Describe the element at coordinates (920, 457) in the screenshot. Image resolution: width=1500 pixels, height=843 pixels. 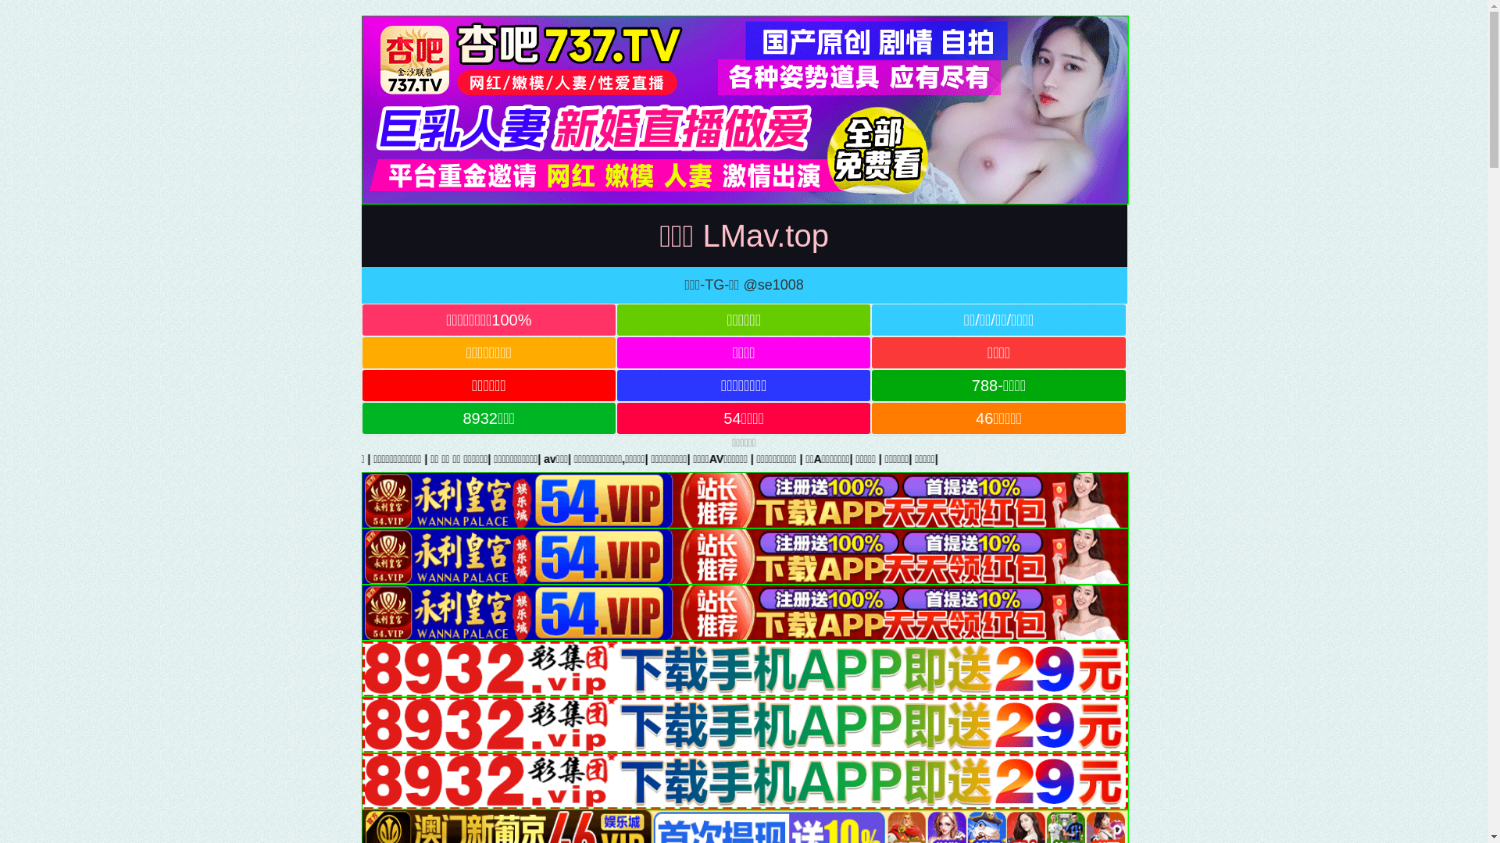
I see `'|'` at that location.